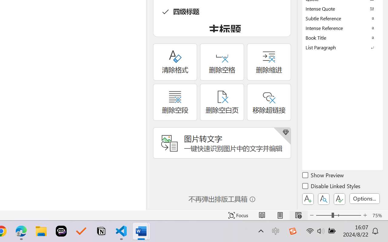 The height and width of the screenshot is (242, 388). Describe the element at coordinates (238, 215) in the screenshot. I see `'Focus '` at that location.